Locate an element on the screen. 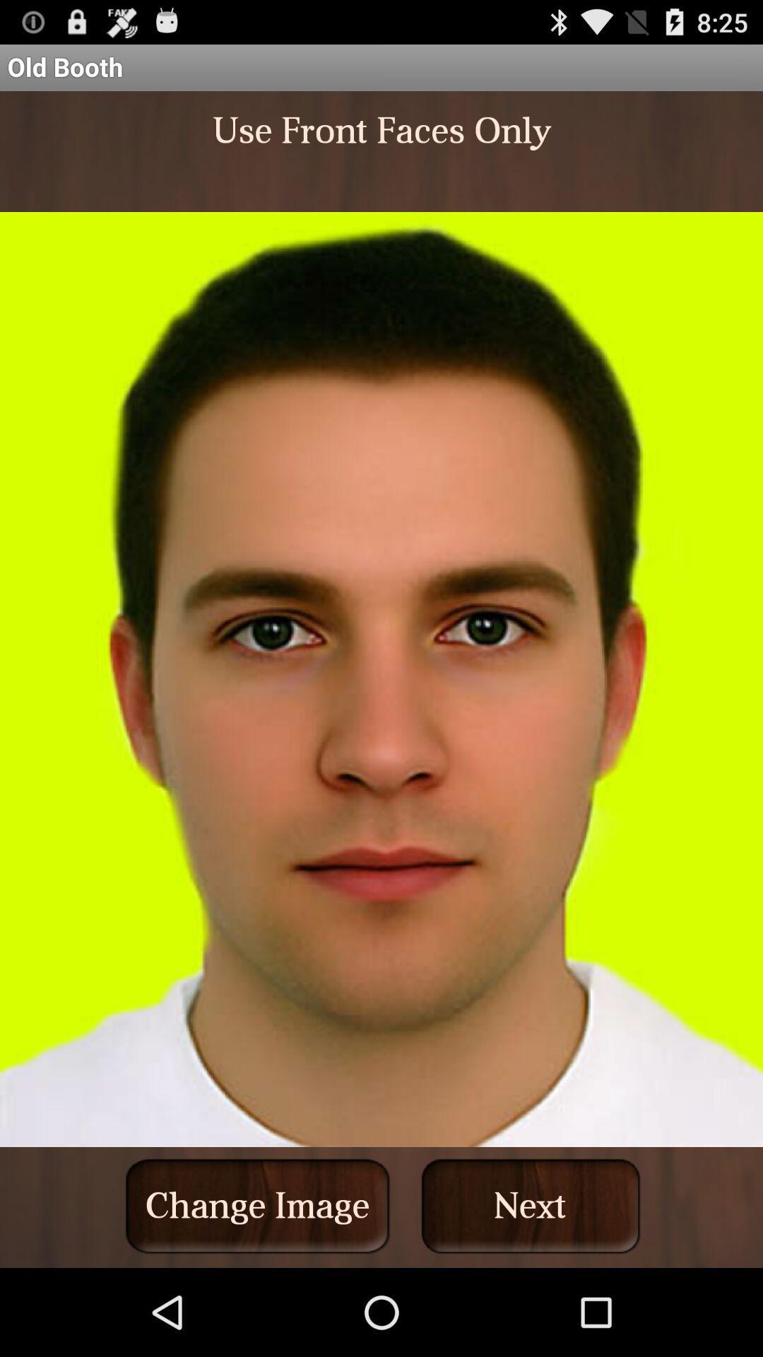 The height and width of the screenshot is (1357, 763). change image is located at coordinates (257, 1205).